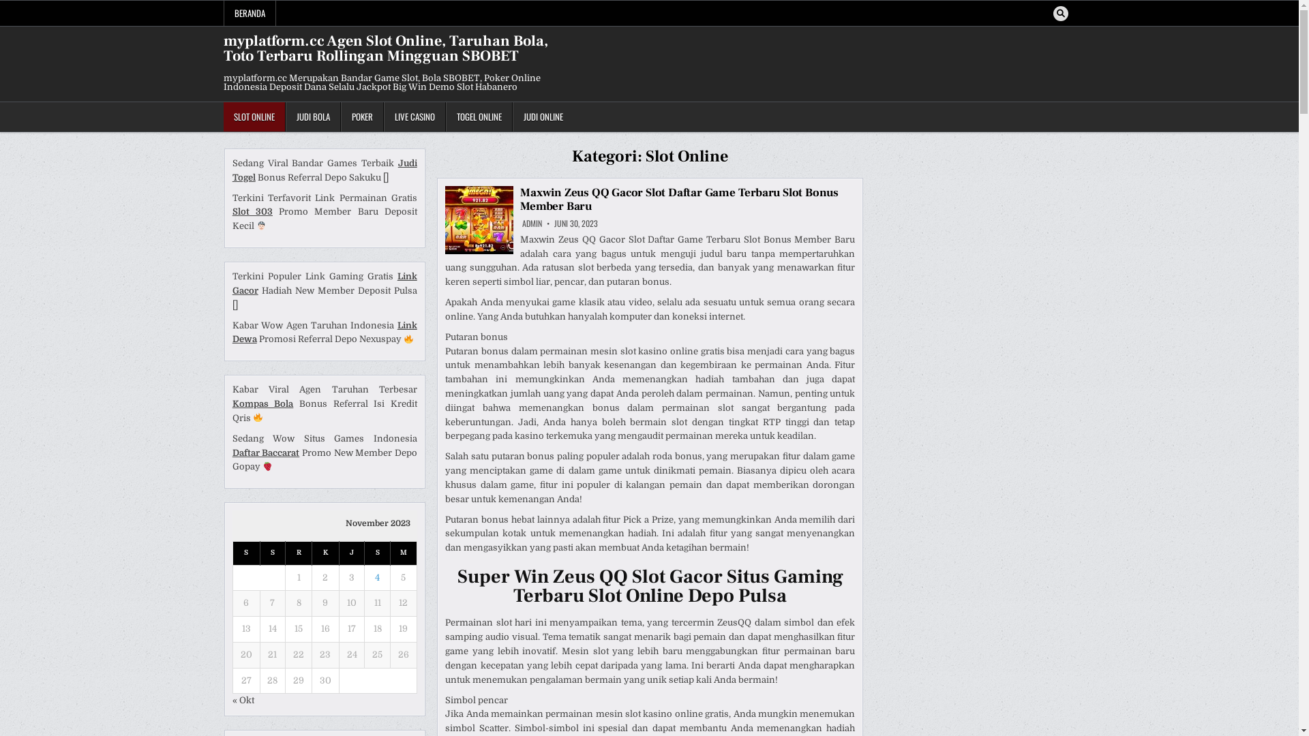 This screenshot has width=1309, height=736. Describe the element at coordinates (324, 333) in the screenshot. I see `'Link Dewa'` at that location.